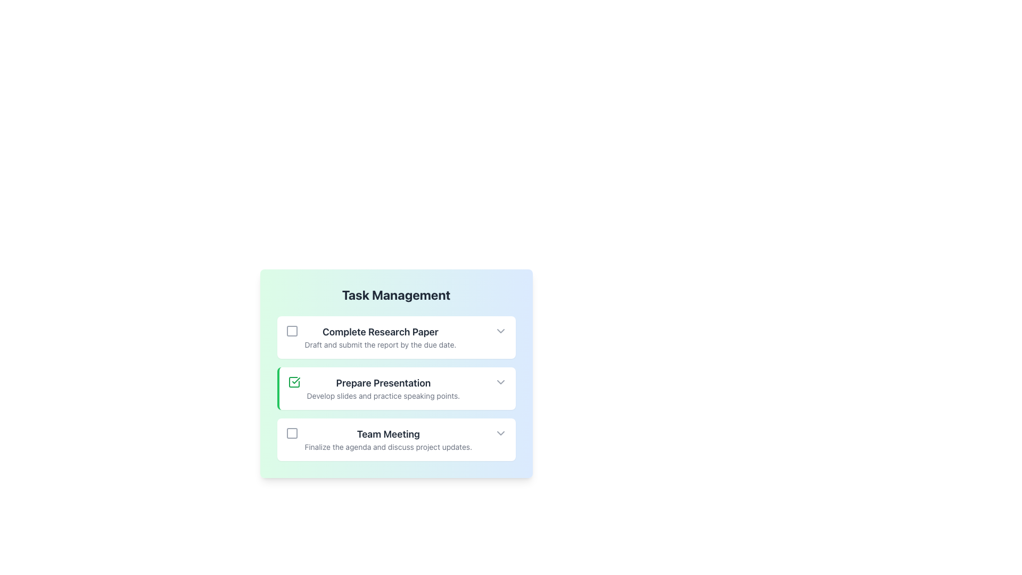 This screenshot has height=575, width=1022. I want to click on the green check mark icon of the second task item in the task management interface, so click(395, 388).